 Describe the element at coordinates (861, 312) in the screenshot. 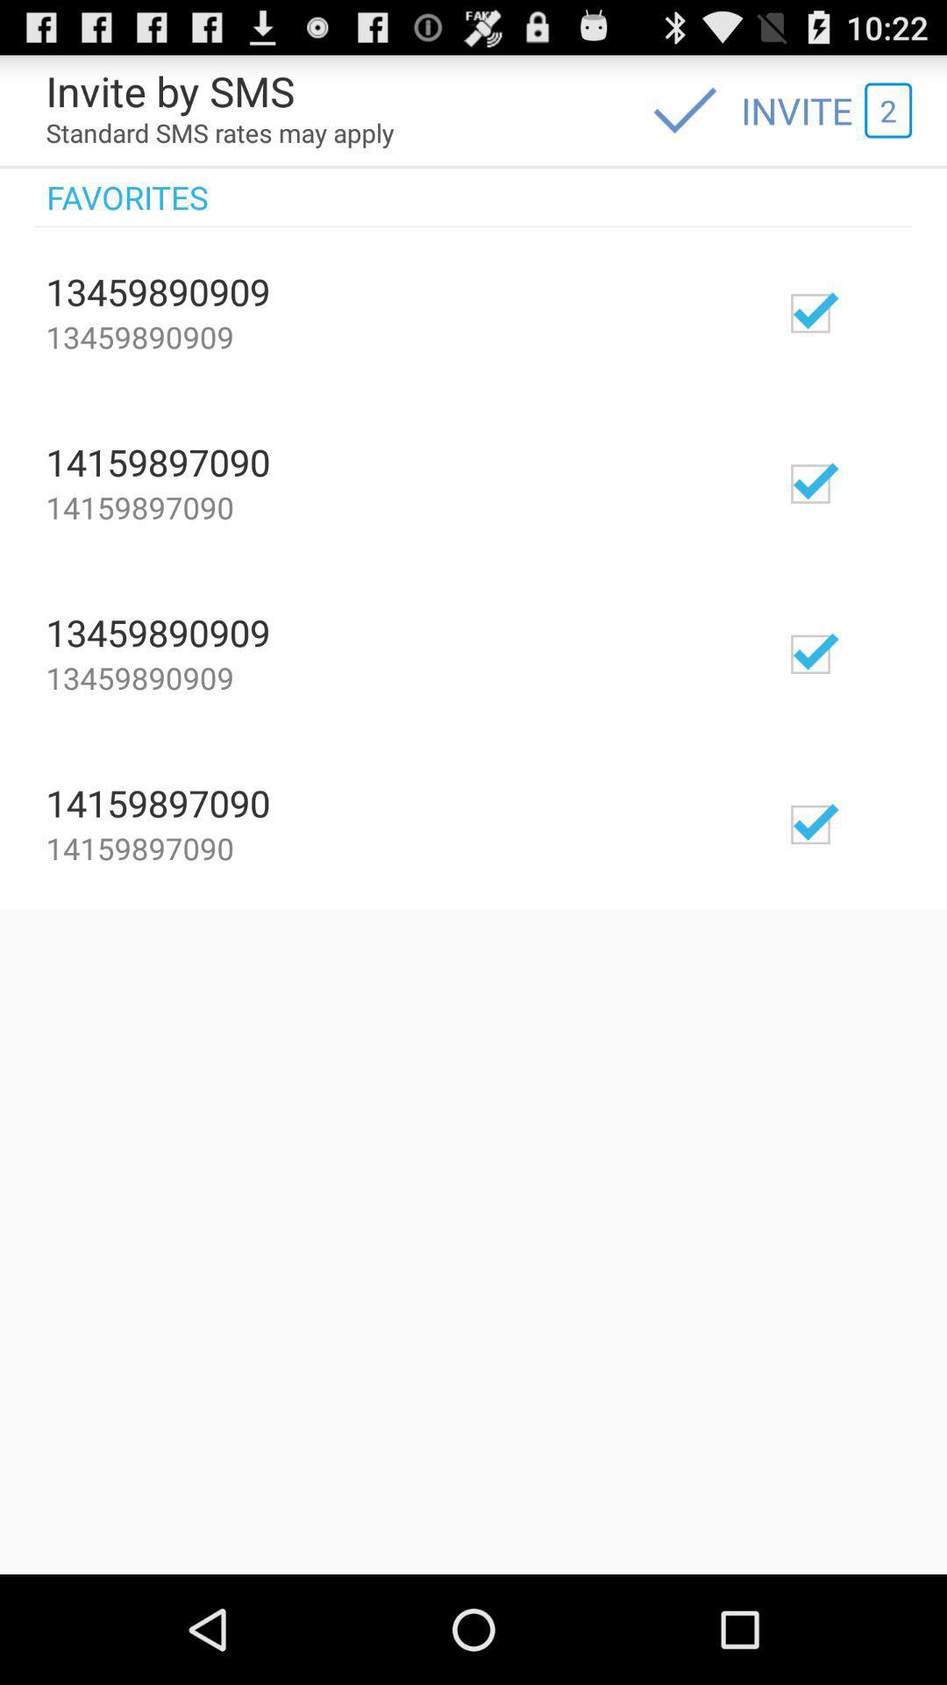

I see `unfavorite selection` at that location.